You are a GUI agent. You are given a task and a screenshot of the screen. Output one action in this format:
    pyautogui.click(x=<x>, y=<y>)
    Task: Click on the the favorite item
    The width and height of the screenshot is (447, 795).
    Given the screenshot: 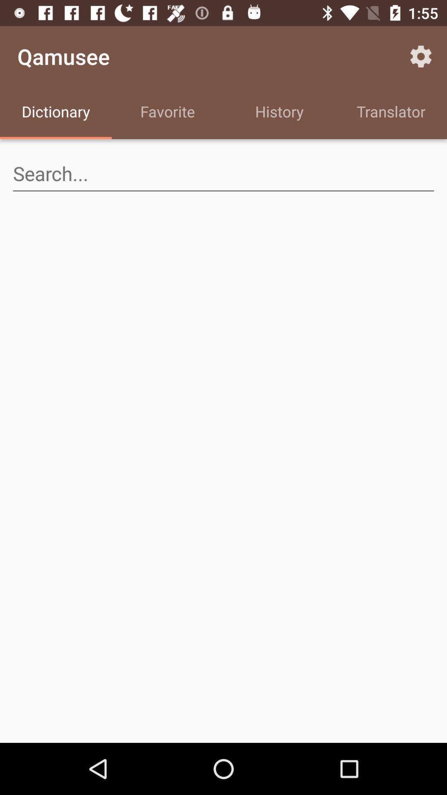 What is the action you would take?
    pyautogui.click(x=168, y=113)
    